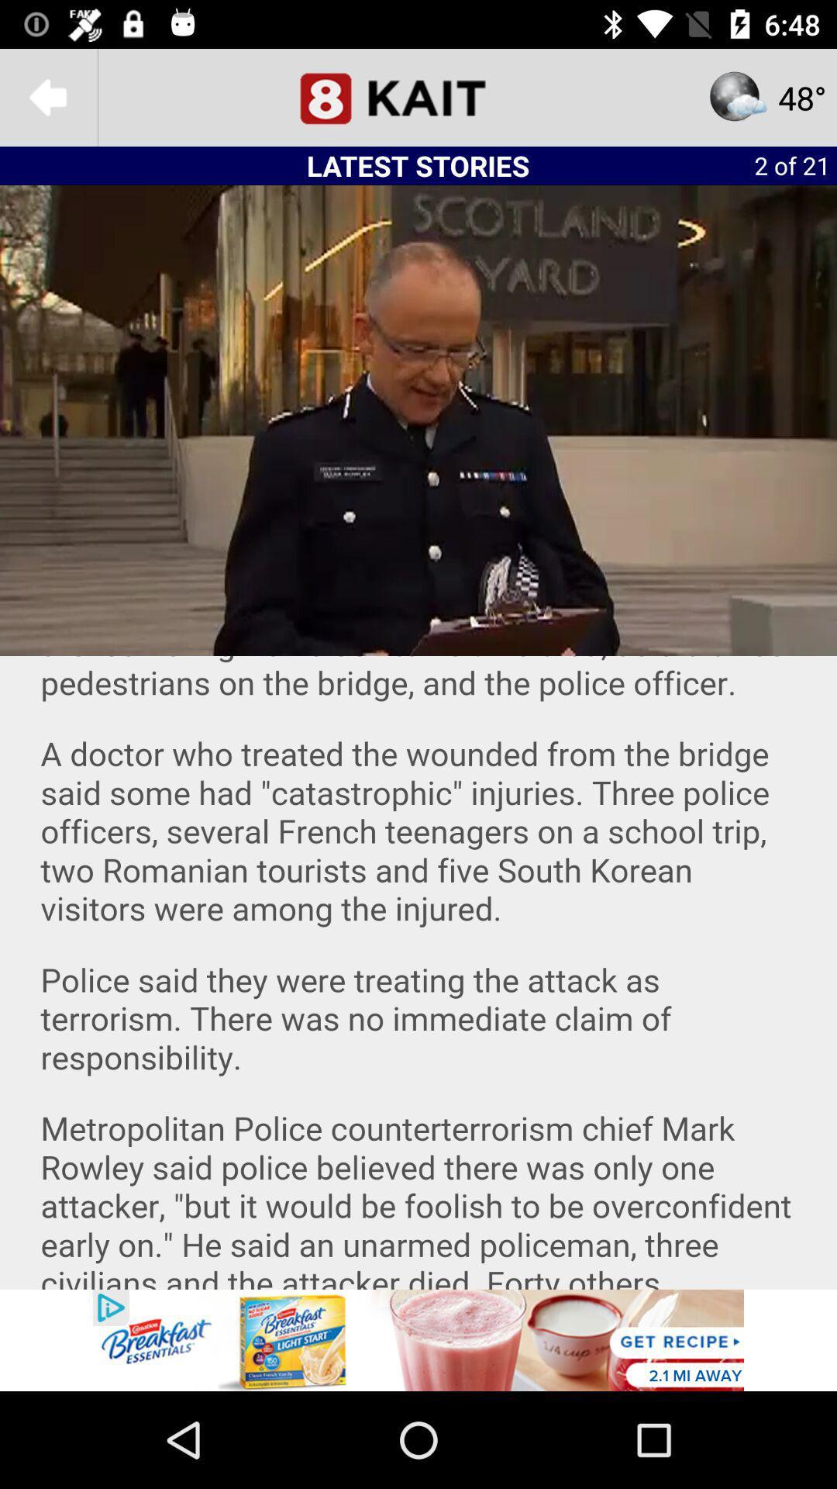  I want to click on previous page, so click(47, 96).